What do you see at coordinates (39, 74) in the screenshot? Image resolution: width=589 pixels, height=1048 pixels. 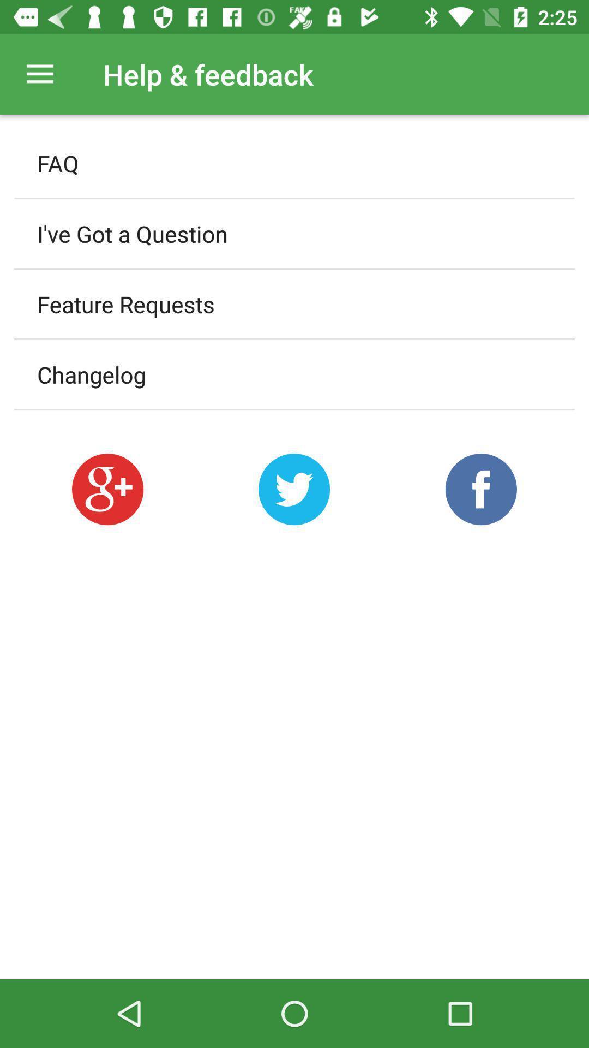 I see `icon at the top left corner` at bounding box center [39, 74].